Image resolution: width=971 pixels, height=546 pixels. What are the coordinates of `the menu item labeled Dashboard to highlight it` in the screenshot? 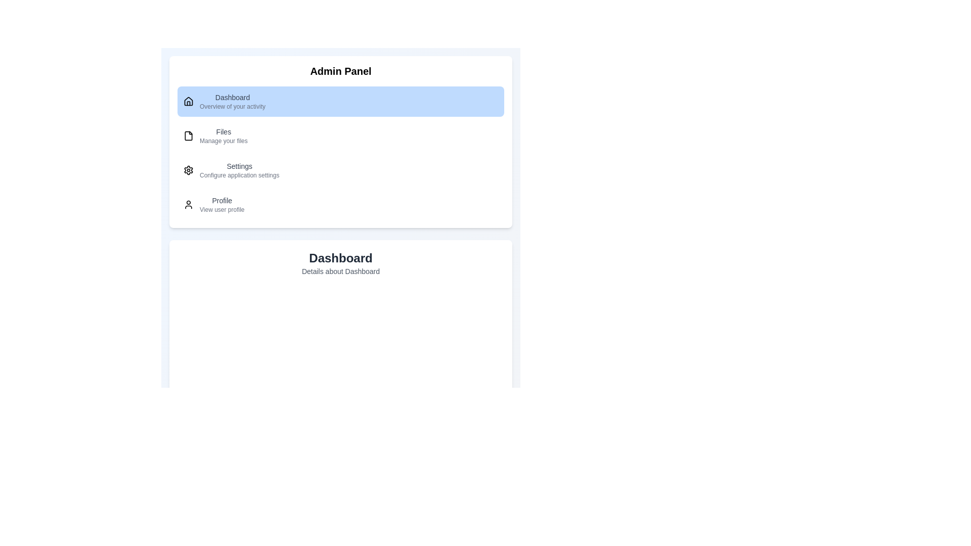 It's located at (340, 101).